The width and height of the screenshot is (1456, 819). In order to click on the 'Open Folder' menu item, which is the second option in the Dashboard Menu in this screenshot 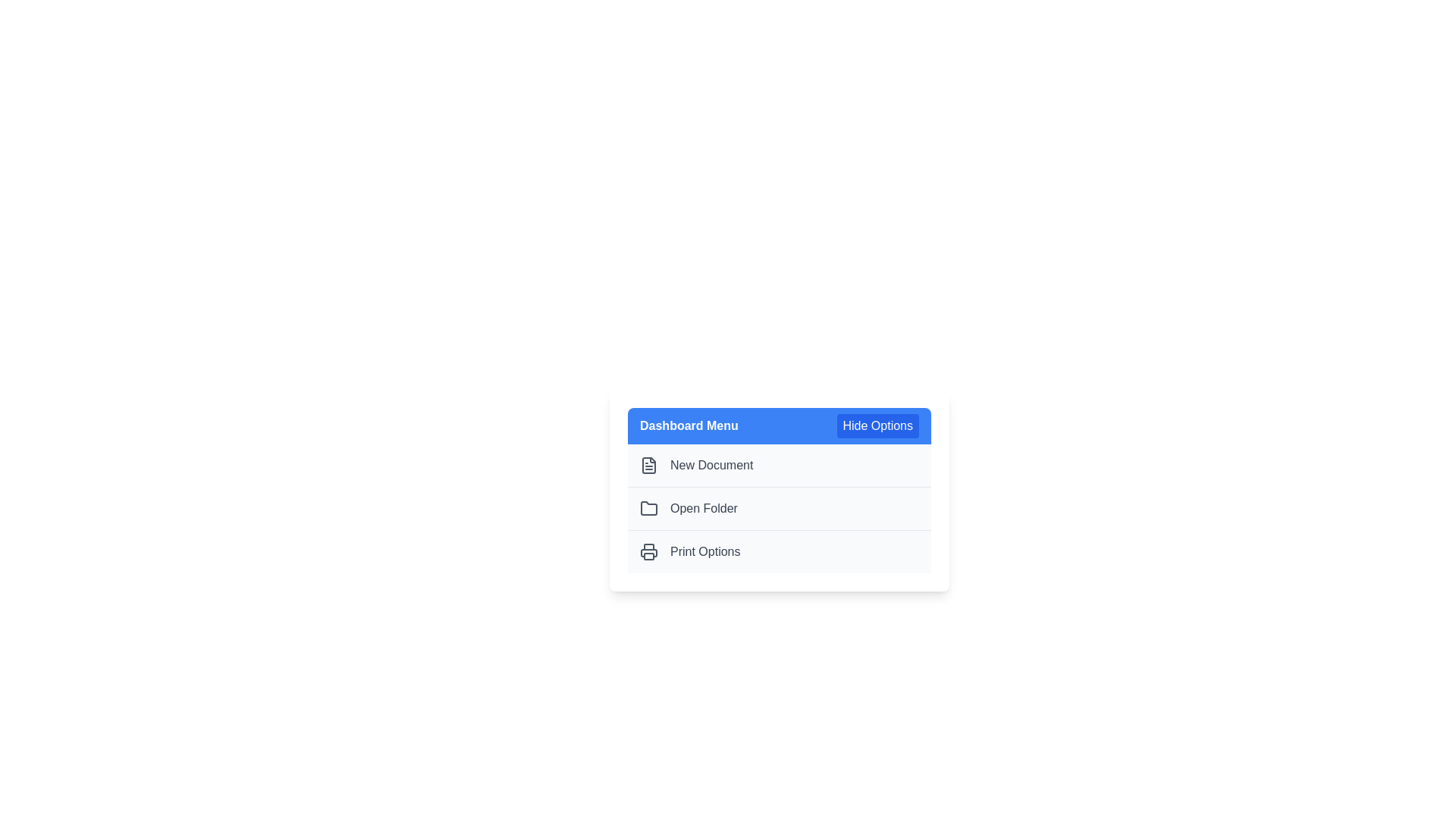, I will do `click(779, 509)`.